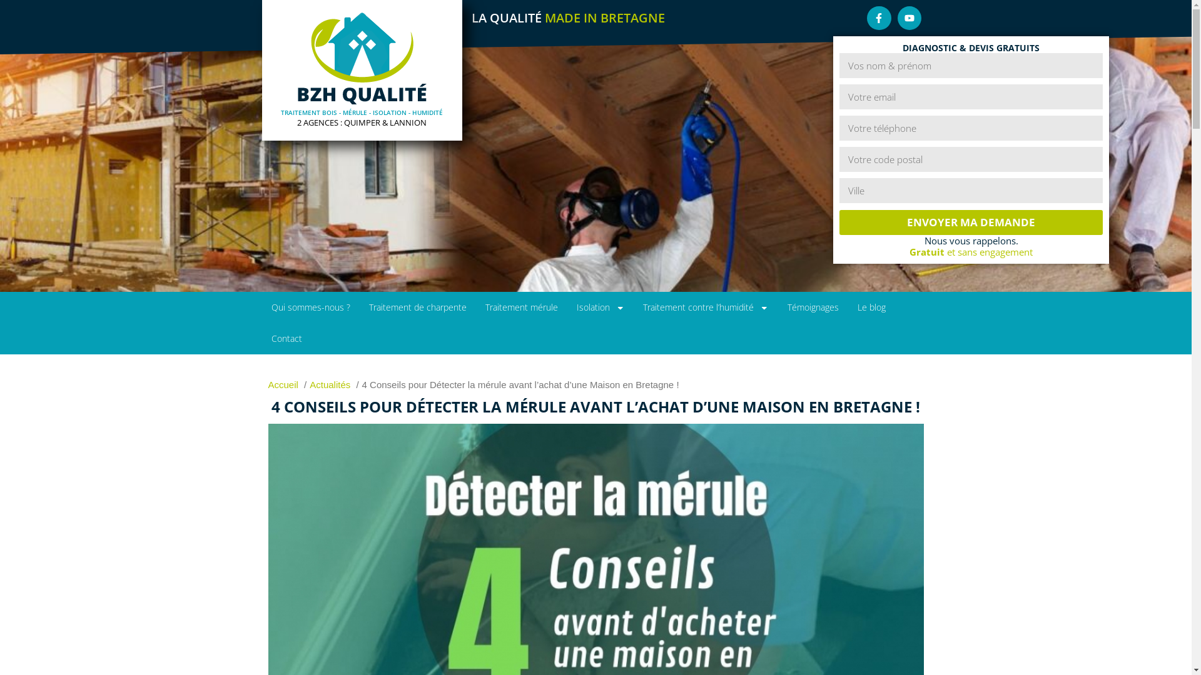 The image size is (1201, 675). Describe the element at coordinates (871, 307) in the screenshot. I see `'Le blog'` at that location.